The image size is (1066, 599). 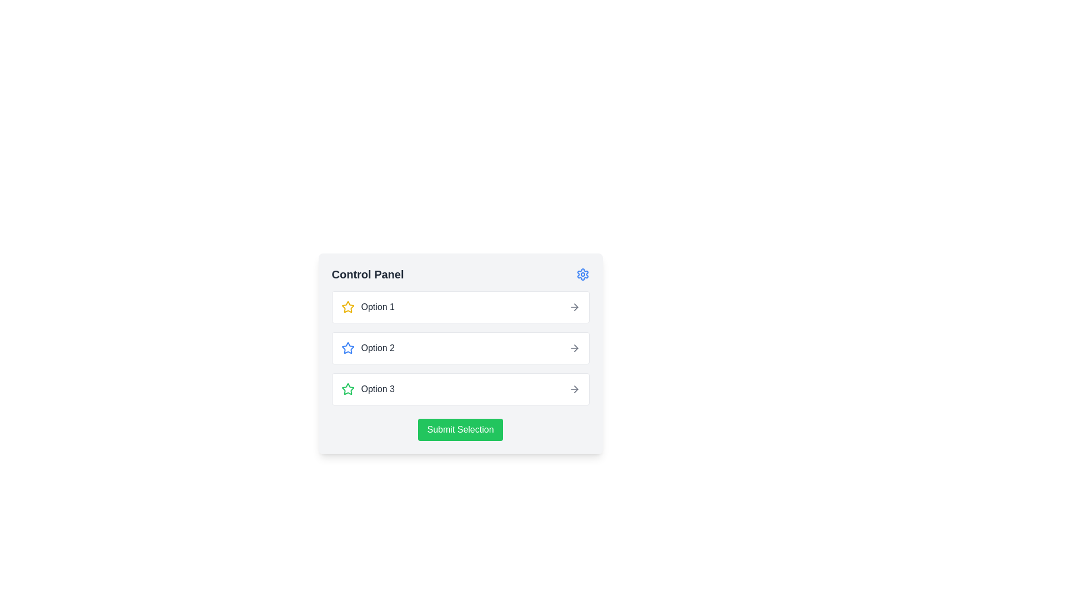 I want to click on the right-pointing arrow icon located in the third option row (Option 3), so click(x=576, y=389).